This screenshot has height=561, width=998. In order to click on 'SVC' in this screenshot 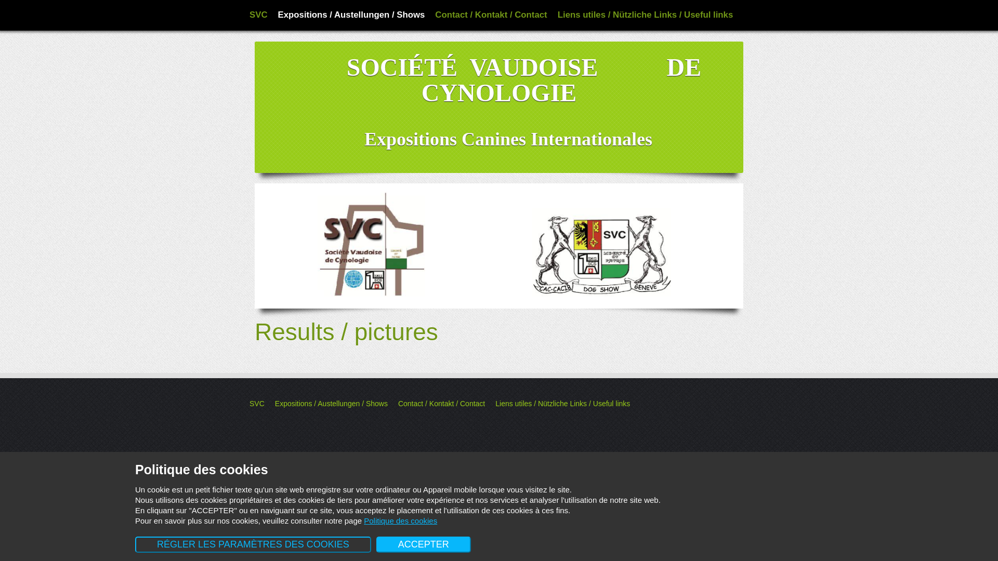, I will do `click(249, 403)`.